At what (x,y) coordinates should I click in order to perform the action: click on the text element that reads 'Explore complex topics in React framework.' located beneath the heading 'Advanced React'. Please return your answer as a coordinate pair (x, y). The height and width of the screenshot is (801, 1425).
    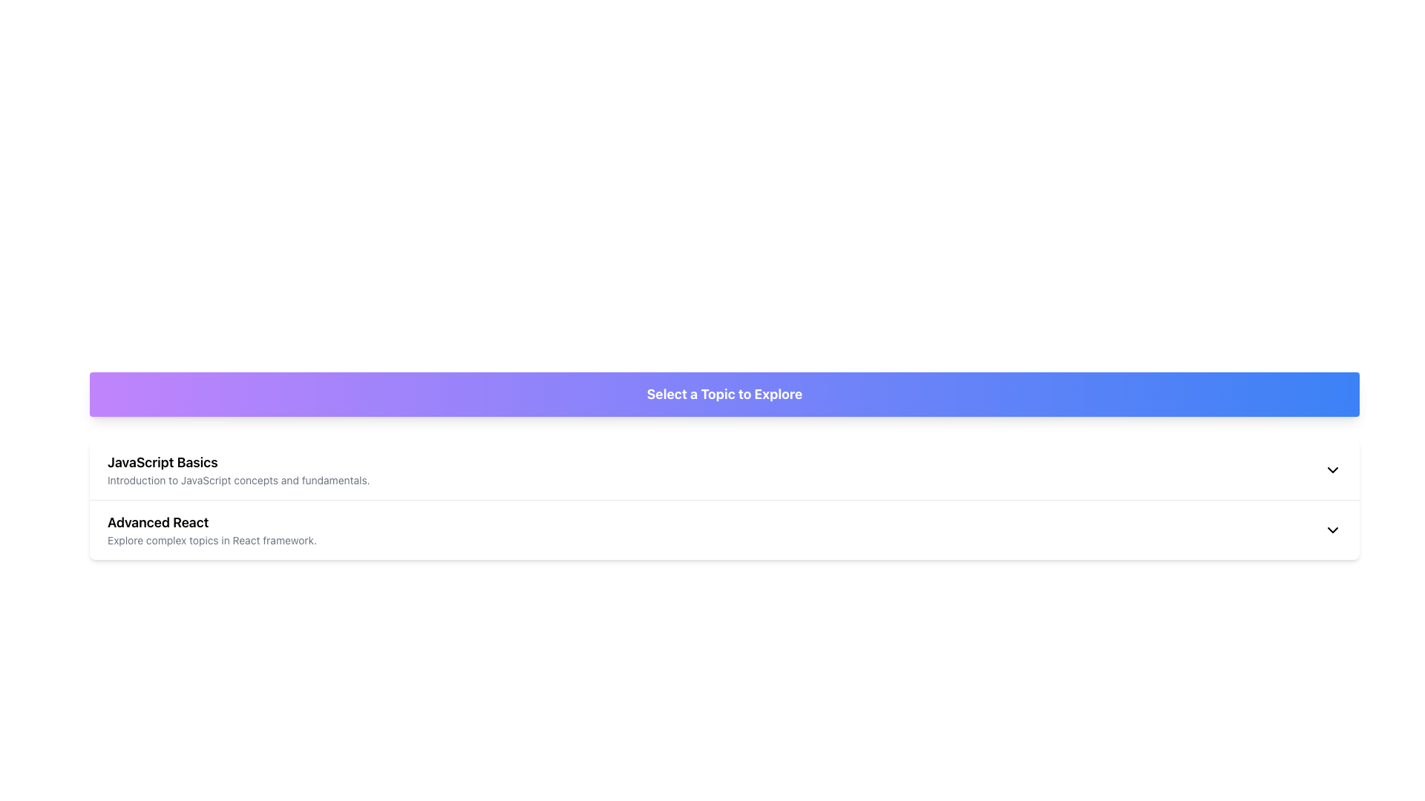
    Looking at the image, I should click on (212, 541).